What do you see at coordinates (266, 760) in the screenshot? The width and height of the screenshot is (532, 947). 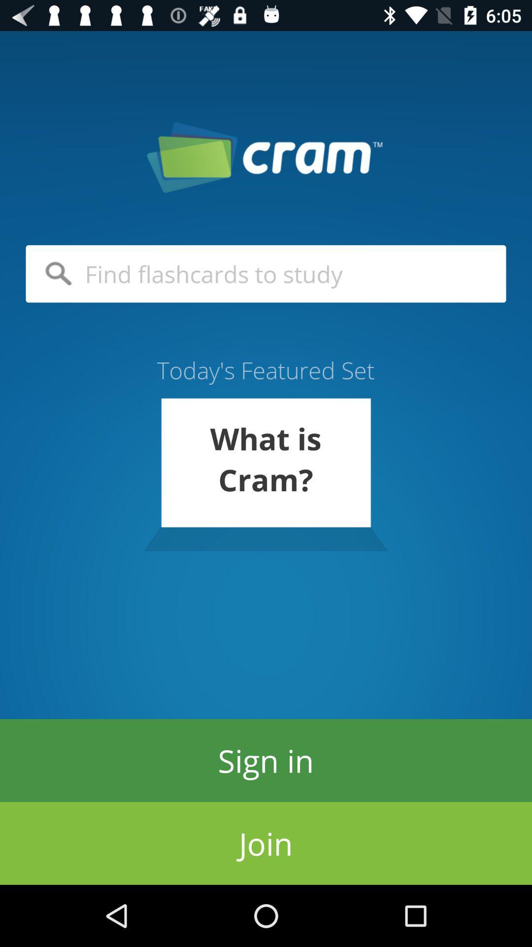 I see `the sign in` at bounding box center [266, 760].